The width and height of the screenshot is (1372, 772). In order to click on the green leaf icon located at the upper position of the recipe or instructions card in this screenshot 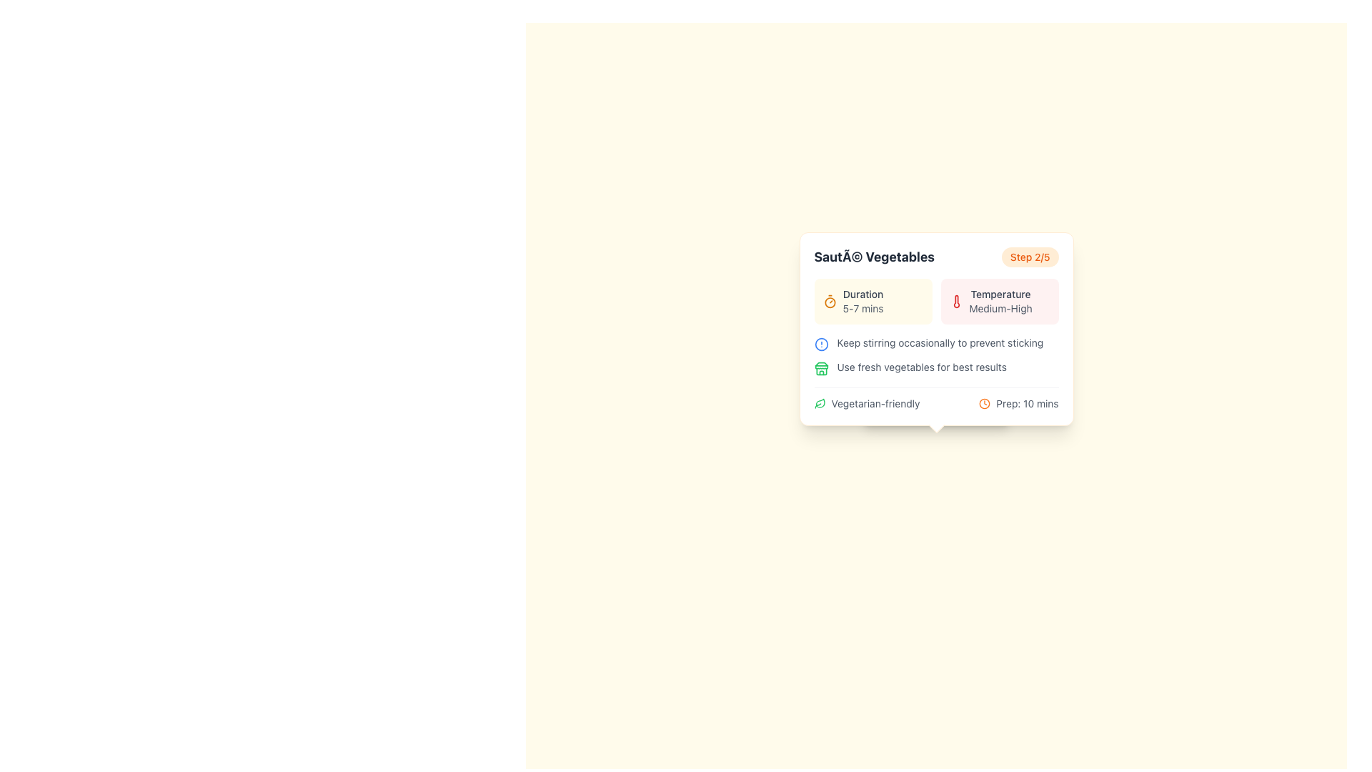, I will do `click(820, 403)`.